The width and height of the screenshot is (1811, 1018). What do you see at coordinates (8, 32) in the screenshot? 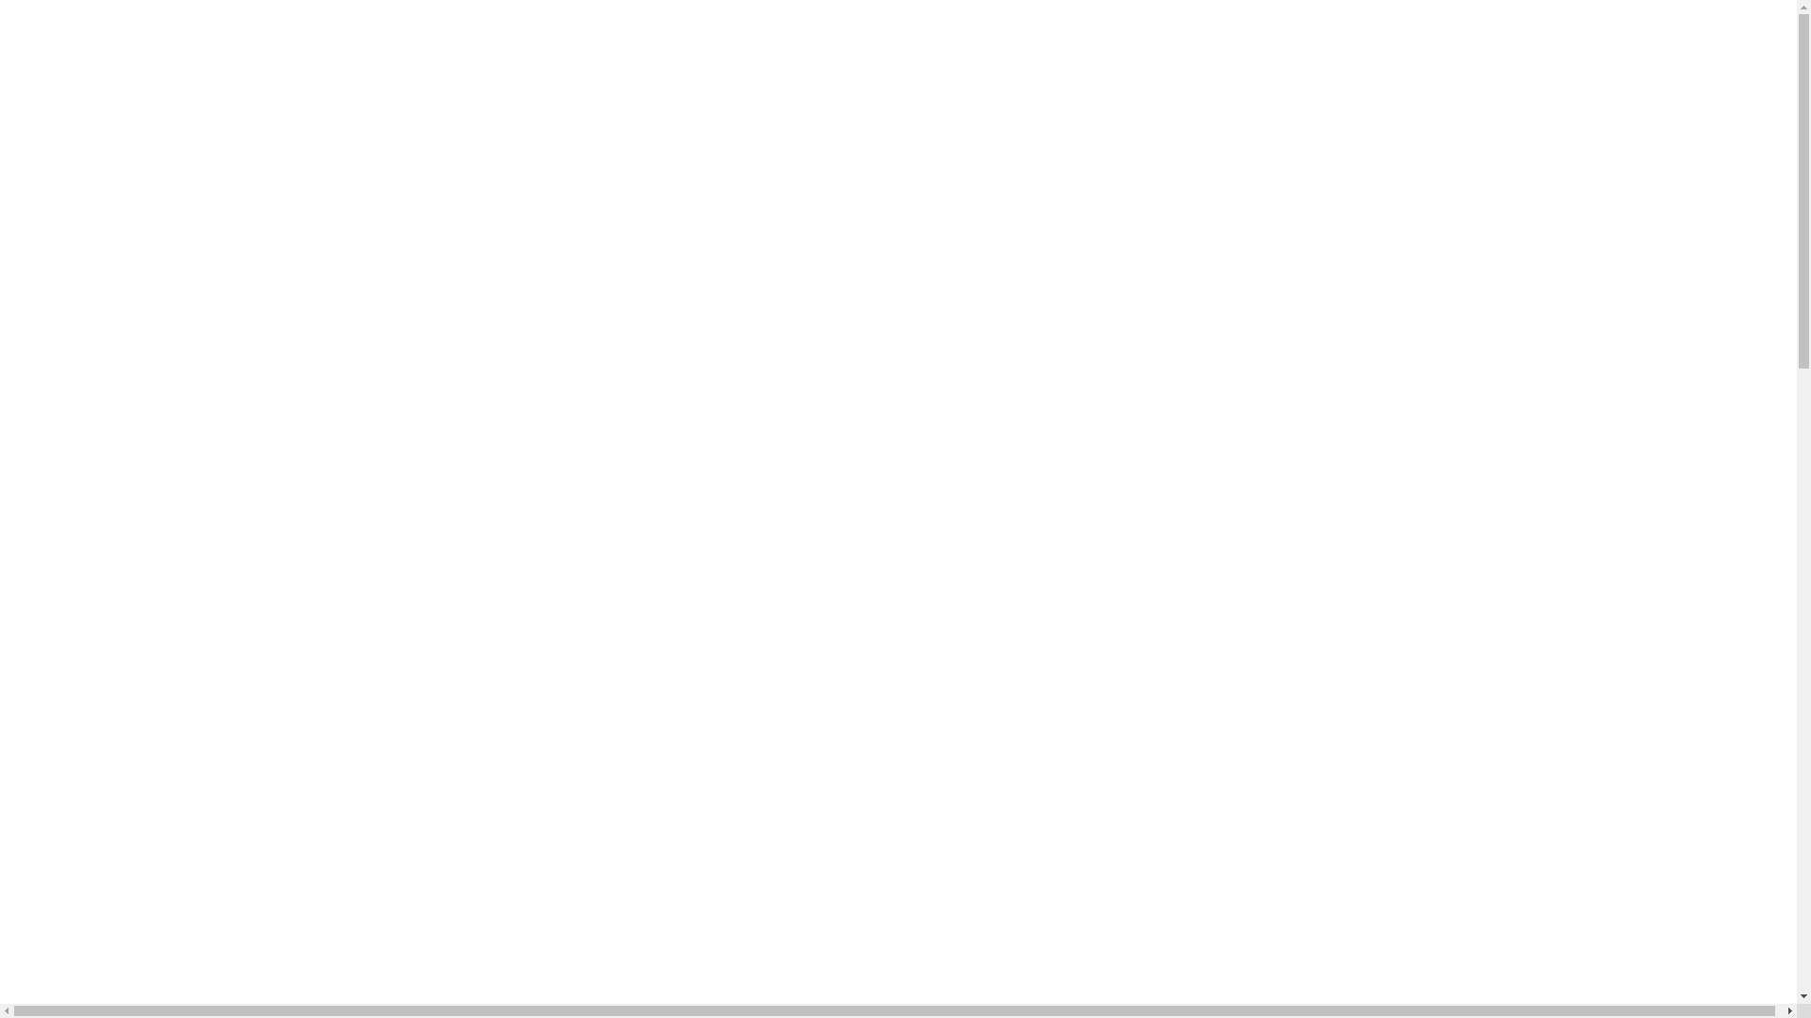
I see `'Korea'` at bounding box center [8, 32].